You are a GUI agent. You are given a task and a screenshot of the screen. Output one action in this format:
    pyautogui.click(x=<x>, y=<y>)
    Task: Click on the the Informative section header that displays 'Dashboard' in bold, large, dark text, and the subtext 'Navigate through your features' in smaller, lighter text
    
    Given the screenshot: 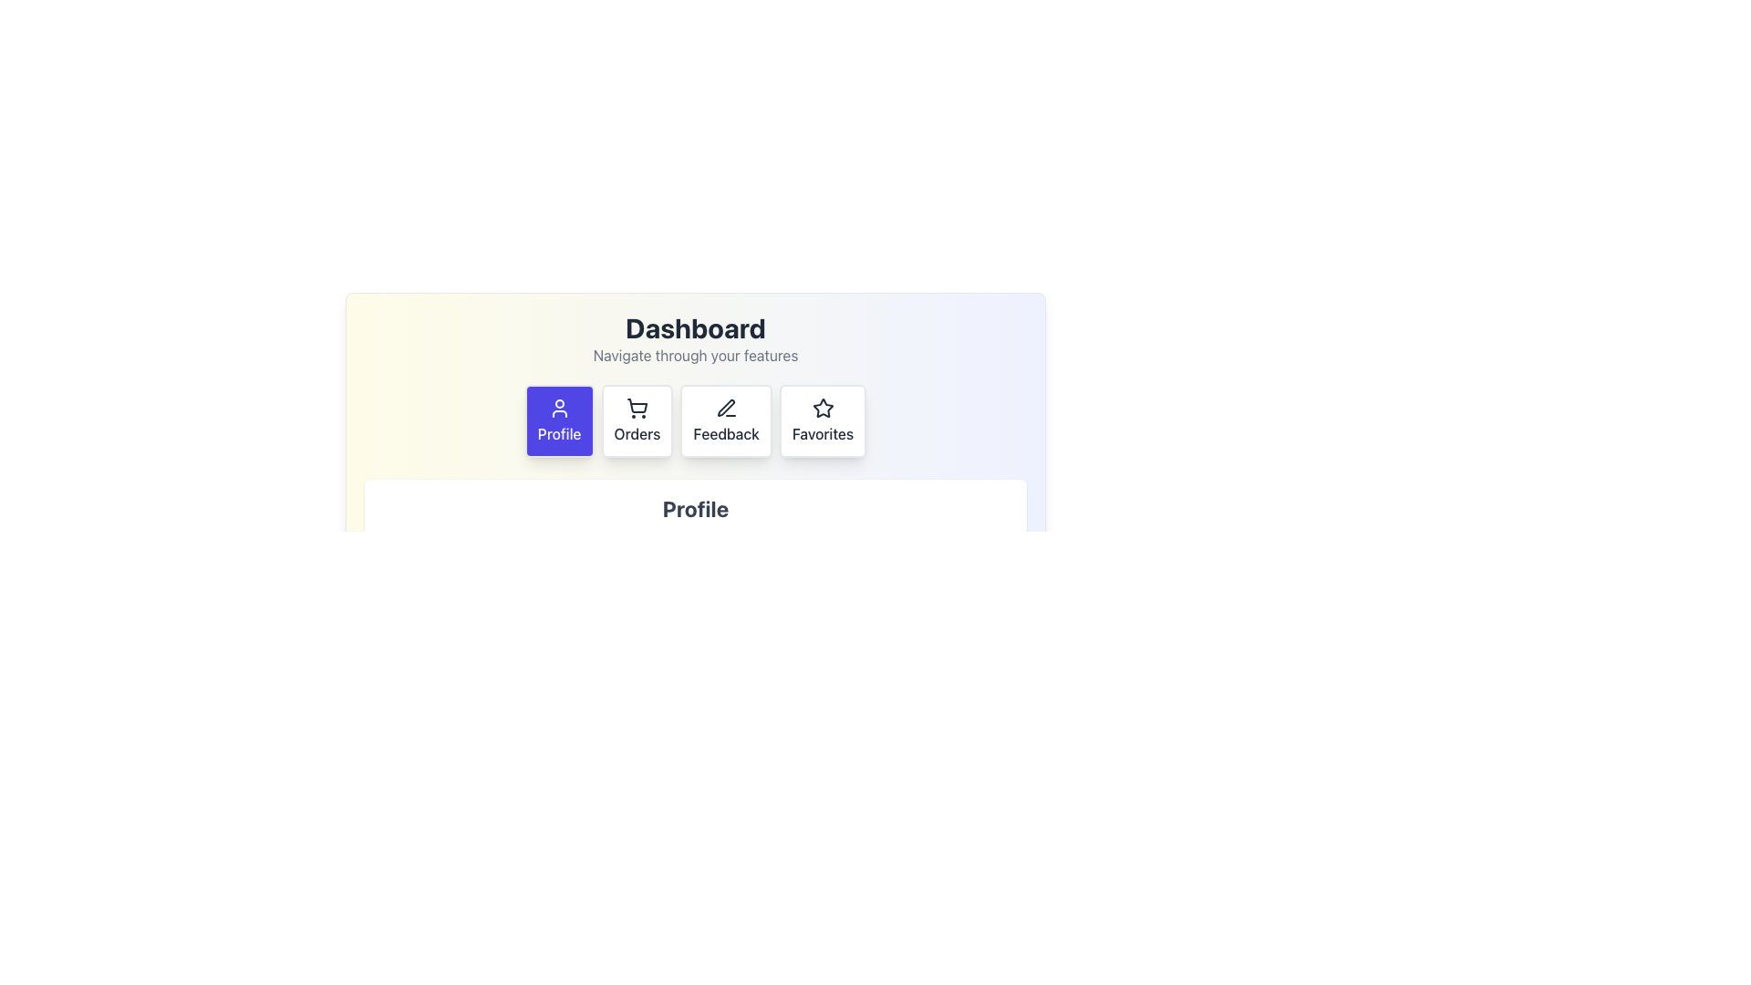 What is the action you would take?
    pyautogui.click(x=695, y=338)
    